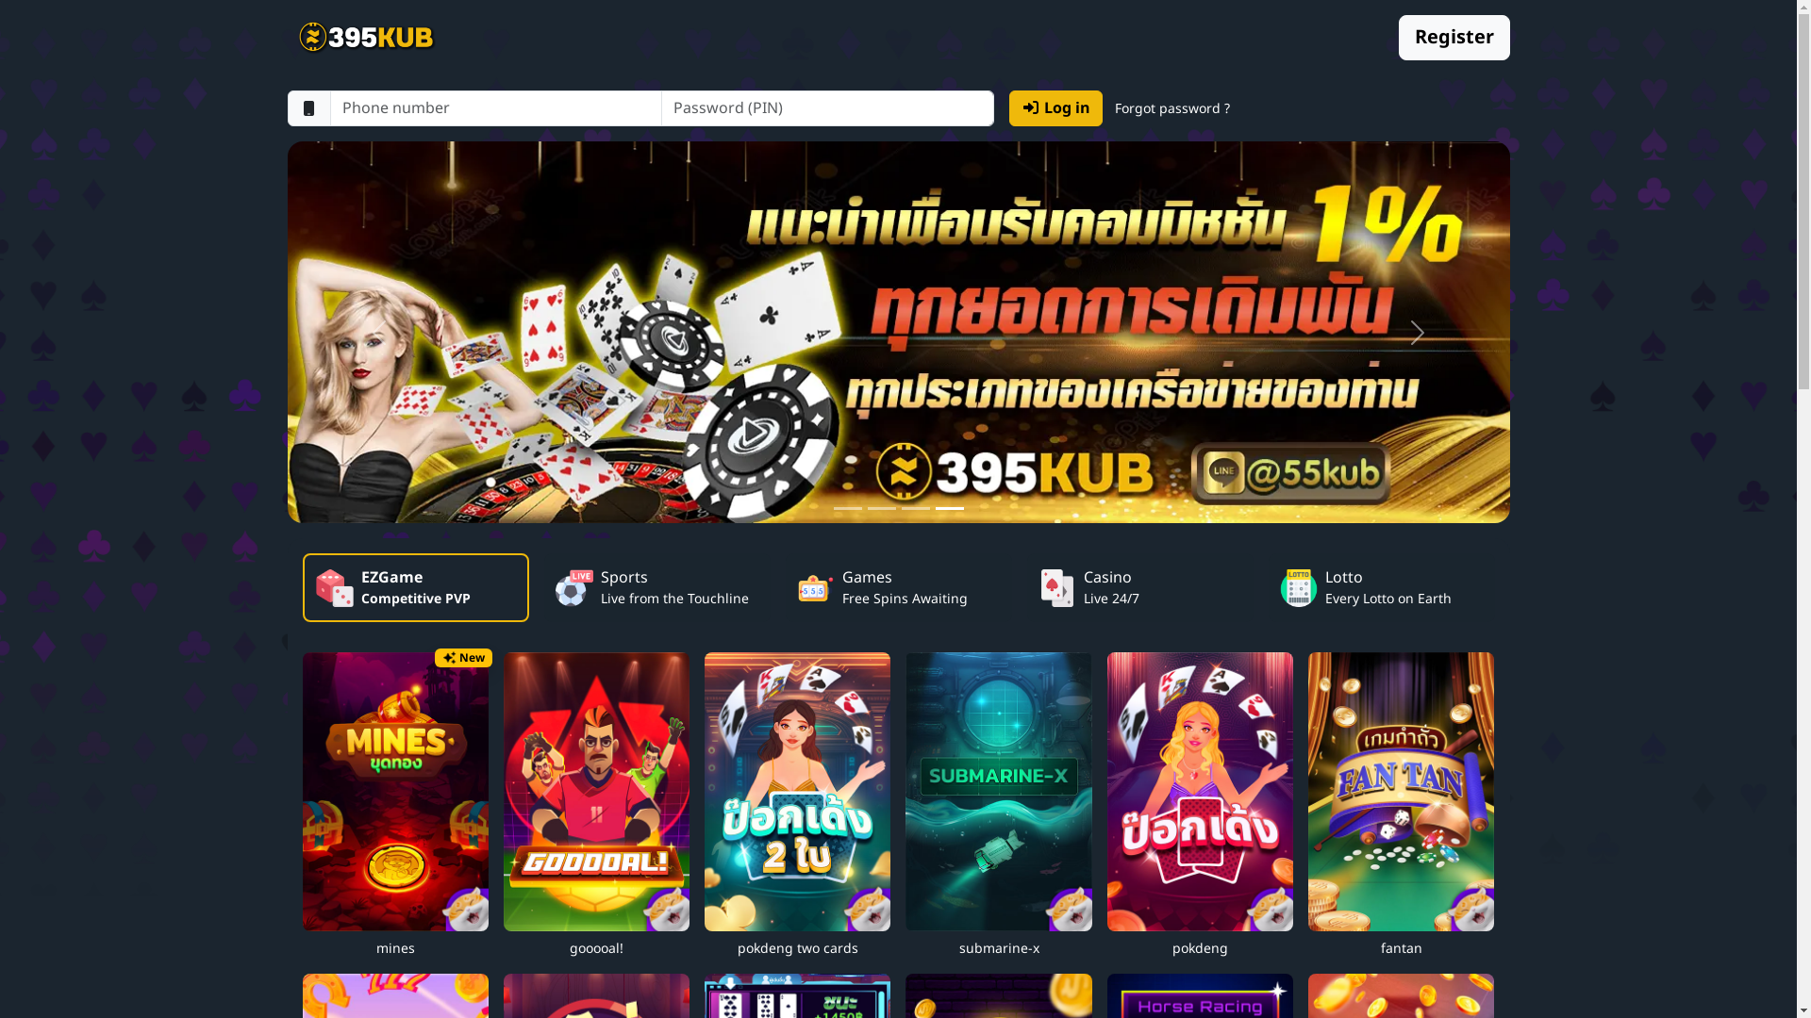 This screenshot has height=1018, width=1811. Describe the element at coordinates (1055, 108) in the screenshot. I see `'Log in'` at that location.